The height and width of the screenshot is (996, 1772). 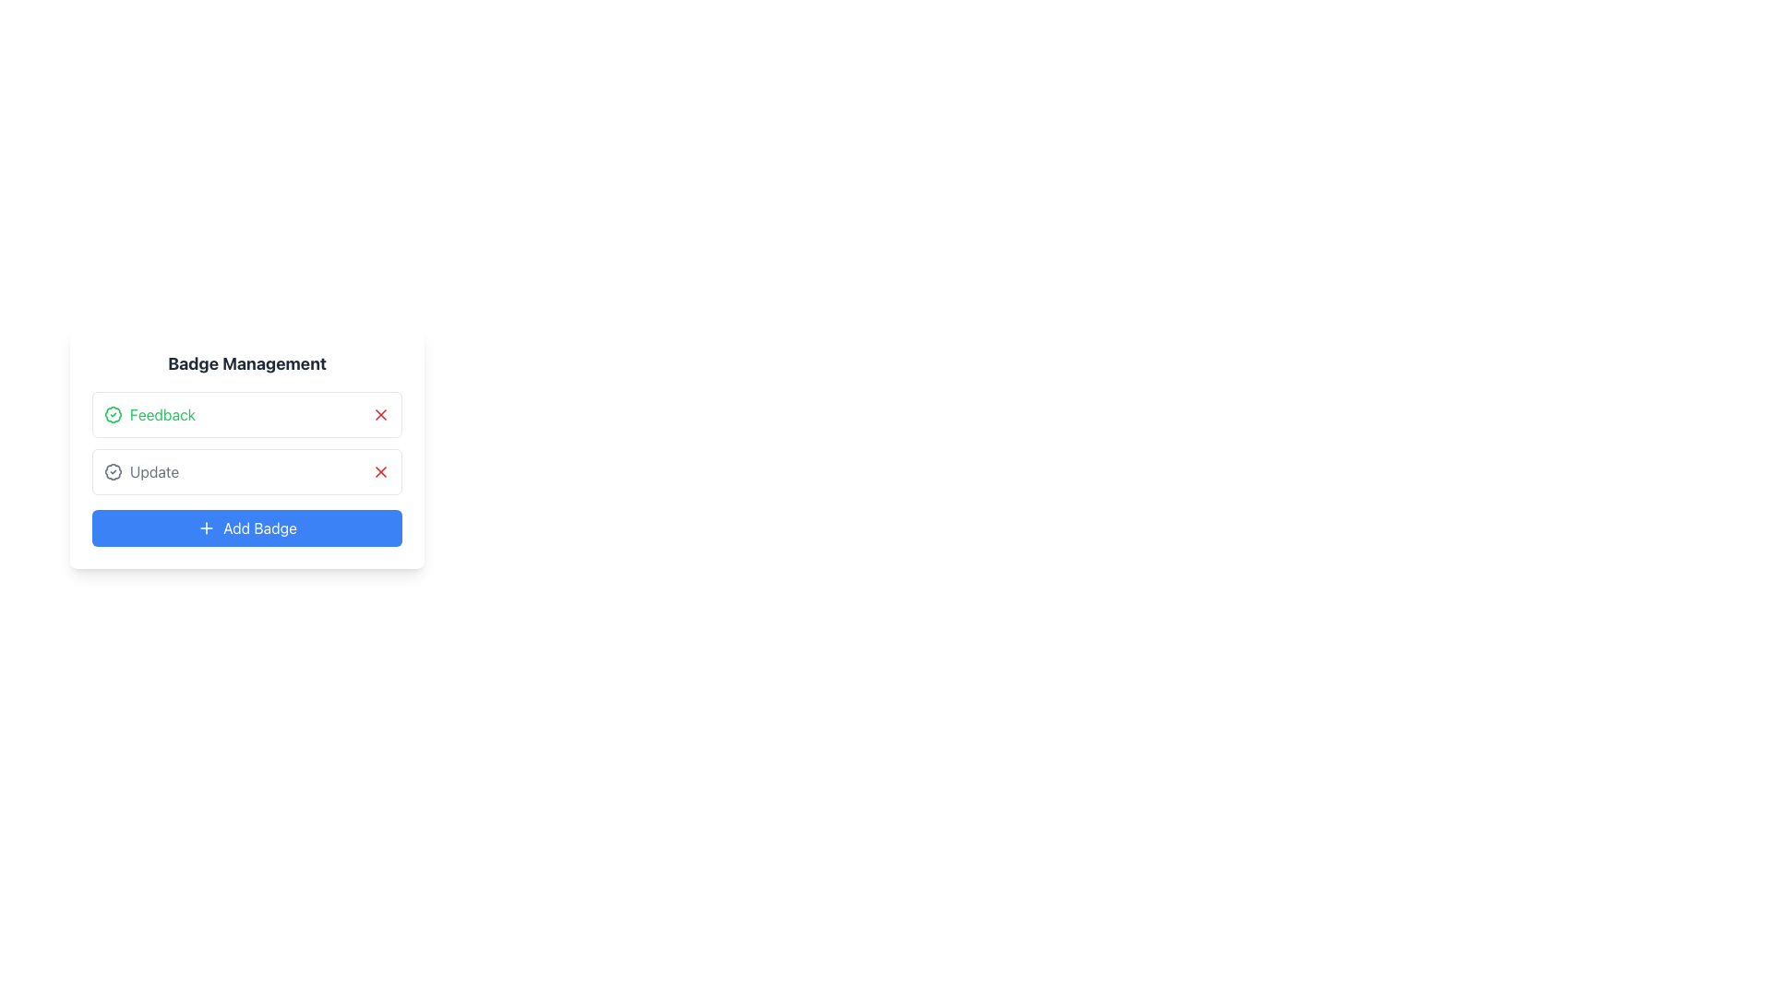 I want to click on the green-colored 'Feedback' label with a badge icon that contains a checkmark, located in the upper half of the 'Badge Management' section as the first item in a vertical list, so click(x=150, y=415).